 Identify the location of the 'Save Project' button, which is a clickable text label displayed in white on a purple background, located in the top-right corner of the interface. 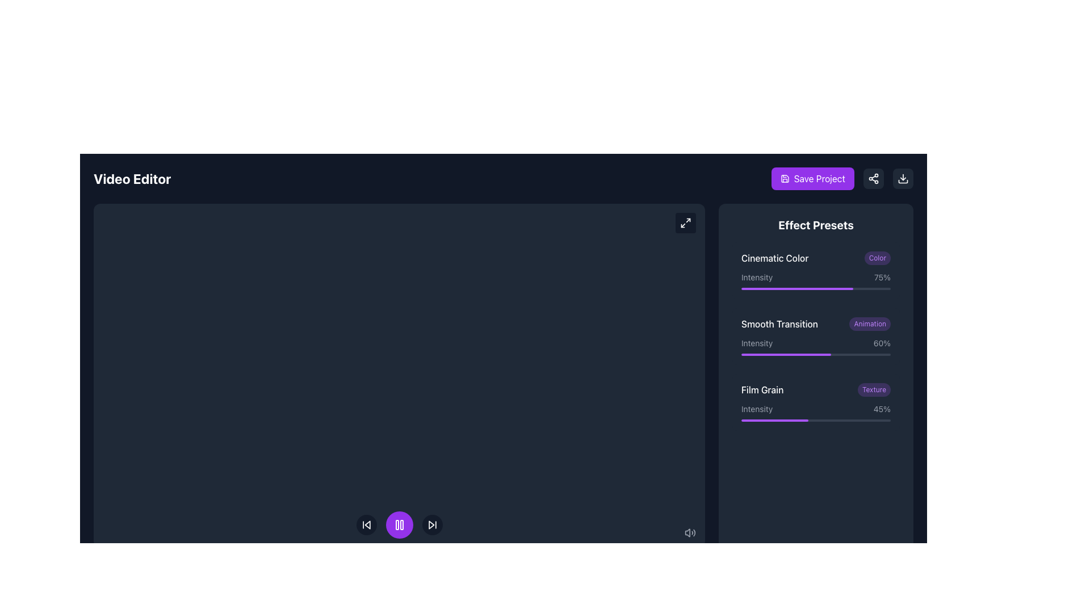
(819, 179).